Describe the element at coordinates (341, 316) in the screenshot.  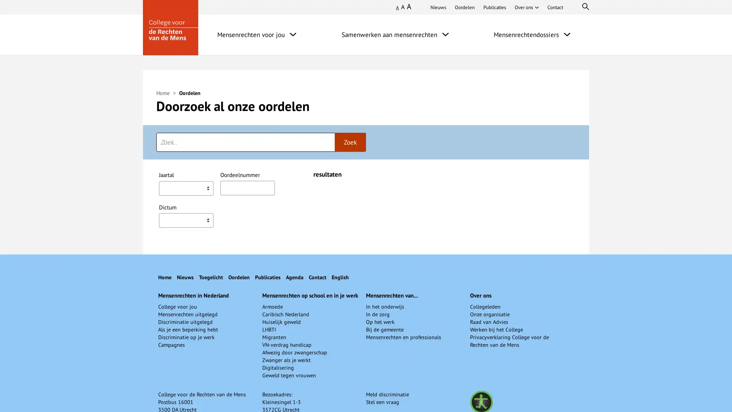
I see `Geslacht` at that location.